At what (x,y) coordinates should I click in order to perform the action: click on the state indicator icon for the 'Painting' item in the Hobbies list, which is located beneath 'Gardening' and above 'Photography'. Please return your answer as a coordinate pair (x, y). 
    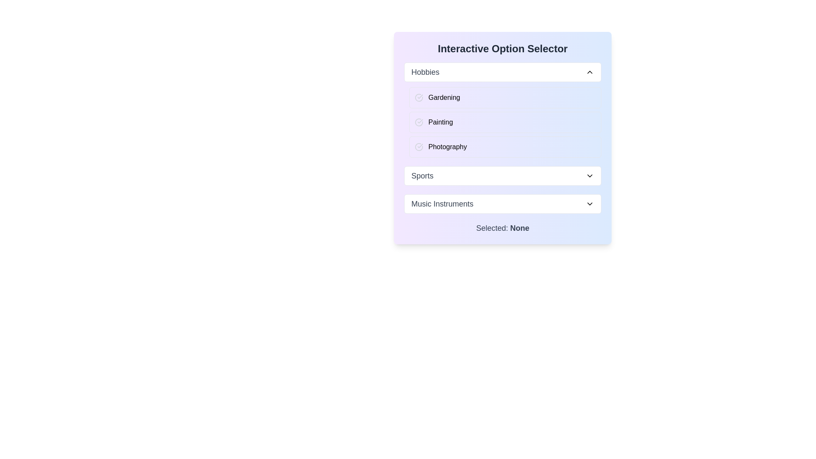
    Looking at the image, I should click on (419, 122).